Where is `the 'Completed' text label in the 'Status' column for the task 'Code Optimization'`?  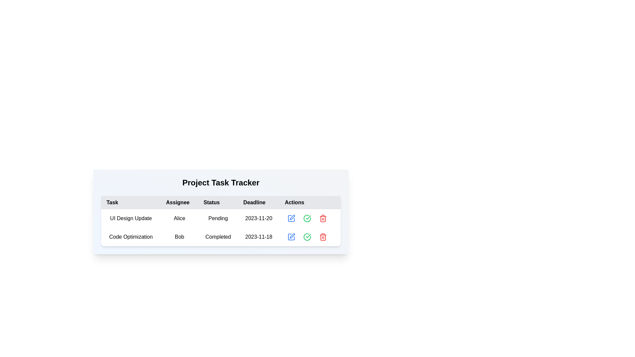 the 'Completed' text label in the 'Status' column for the task 'Code Optimization' is located at coordinates (218, 237).